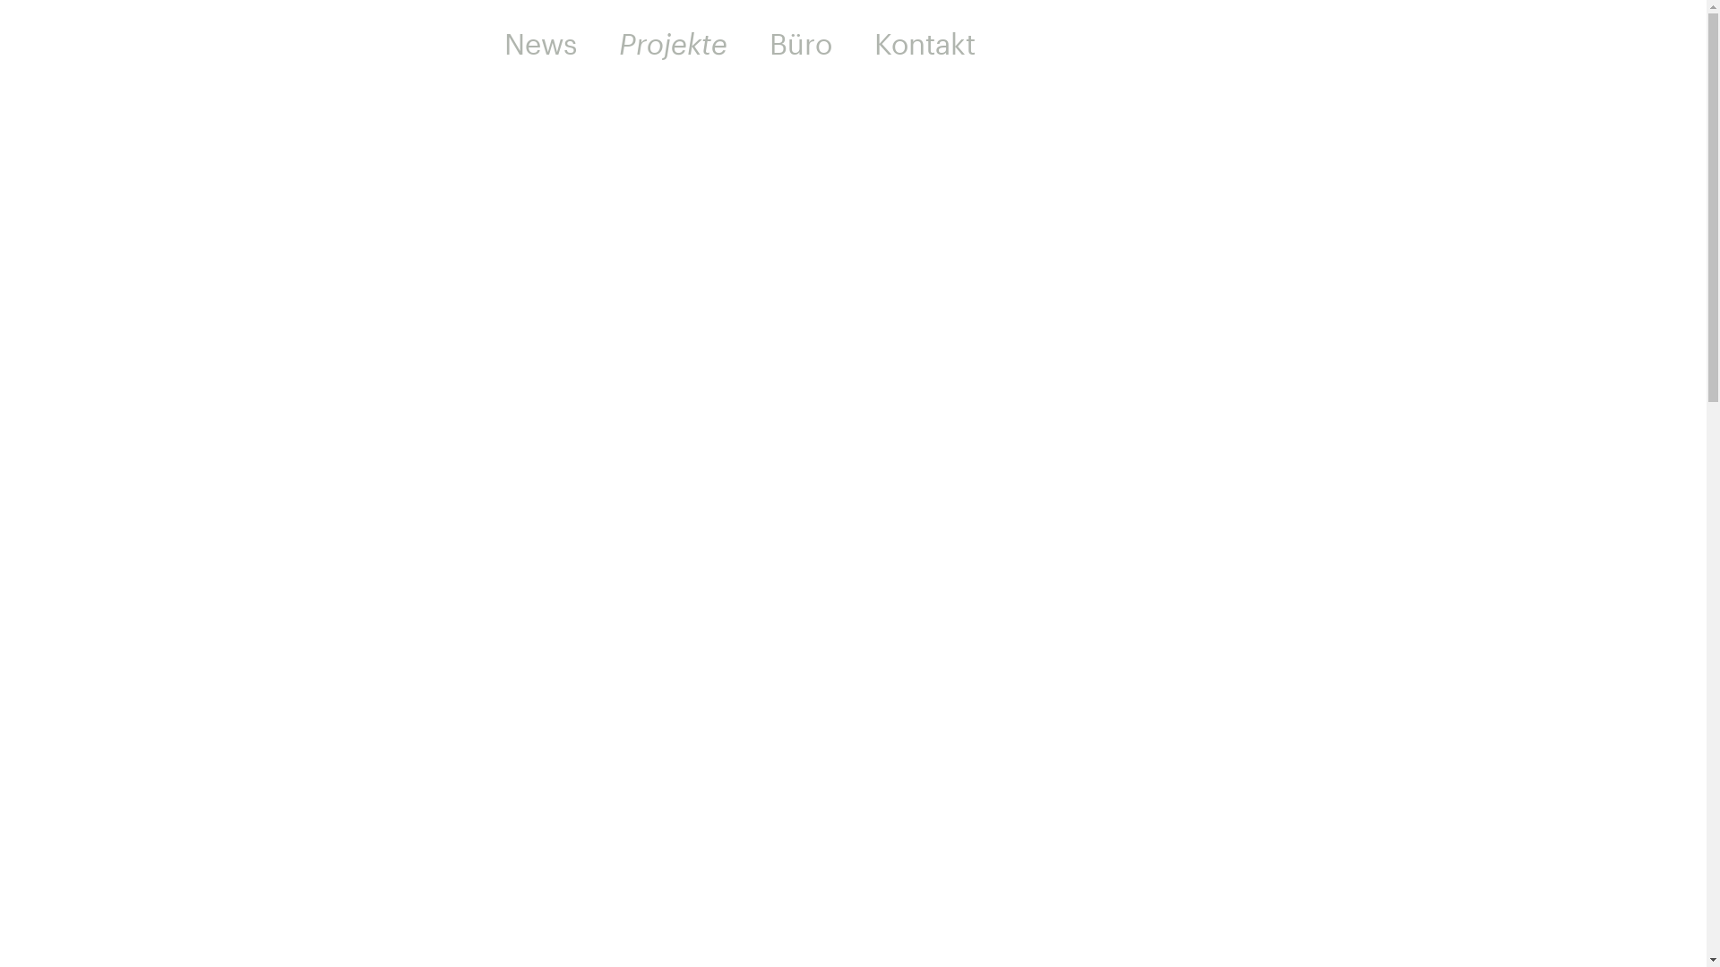 The height and width of the screenshot is (967, 1720). What do you see at coordinates (538, 43) in the screenshot?
I see `'News'` at bounding box center [538, 43].